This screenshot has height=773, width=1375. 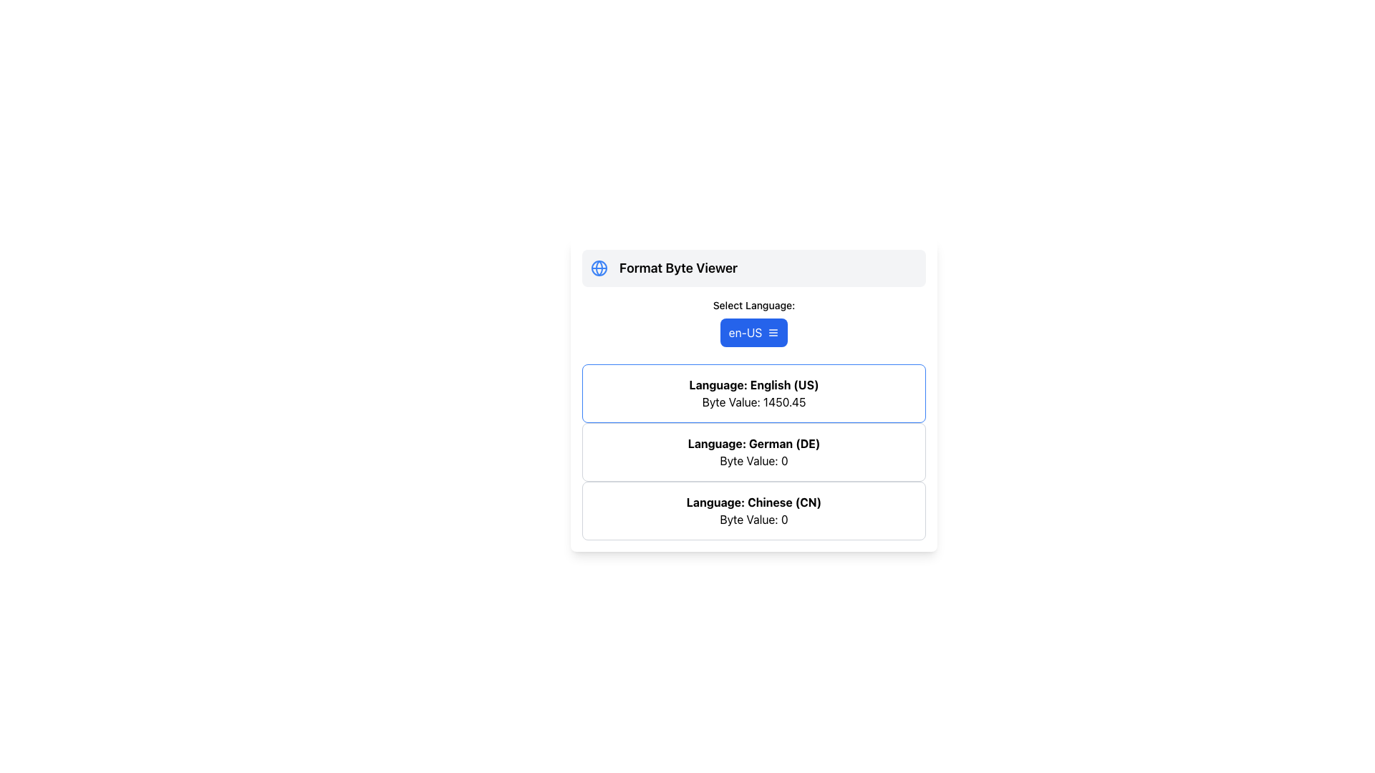 What do you see at coordinates (745, 333) in the screenshot?
I see `the text label element that represents the currently selected language option ('en-US') within the language selection button interface` at bounding box center [745, 333].